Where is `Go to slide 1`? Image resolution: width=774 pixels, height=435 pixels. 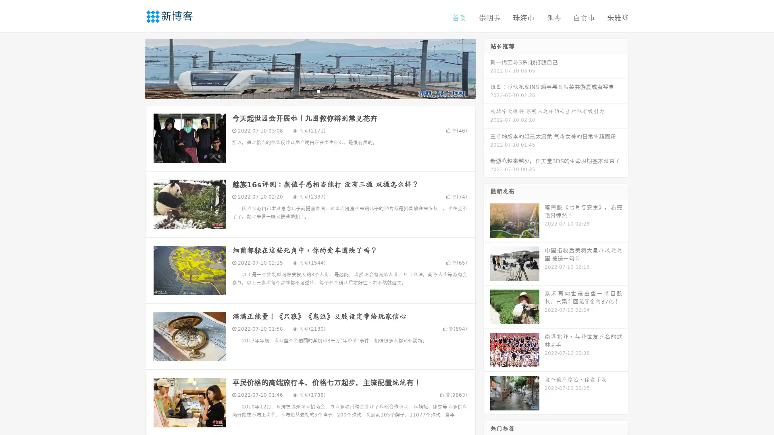 Go to slide 1 is located at coordinates (302, 91).